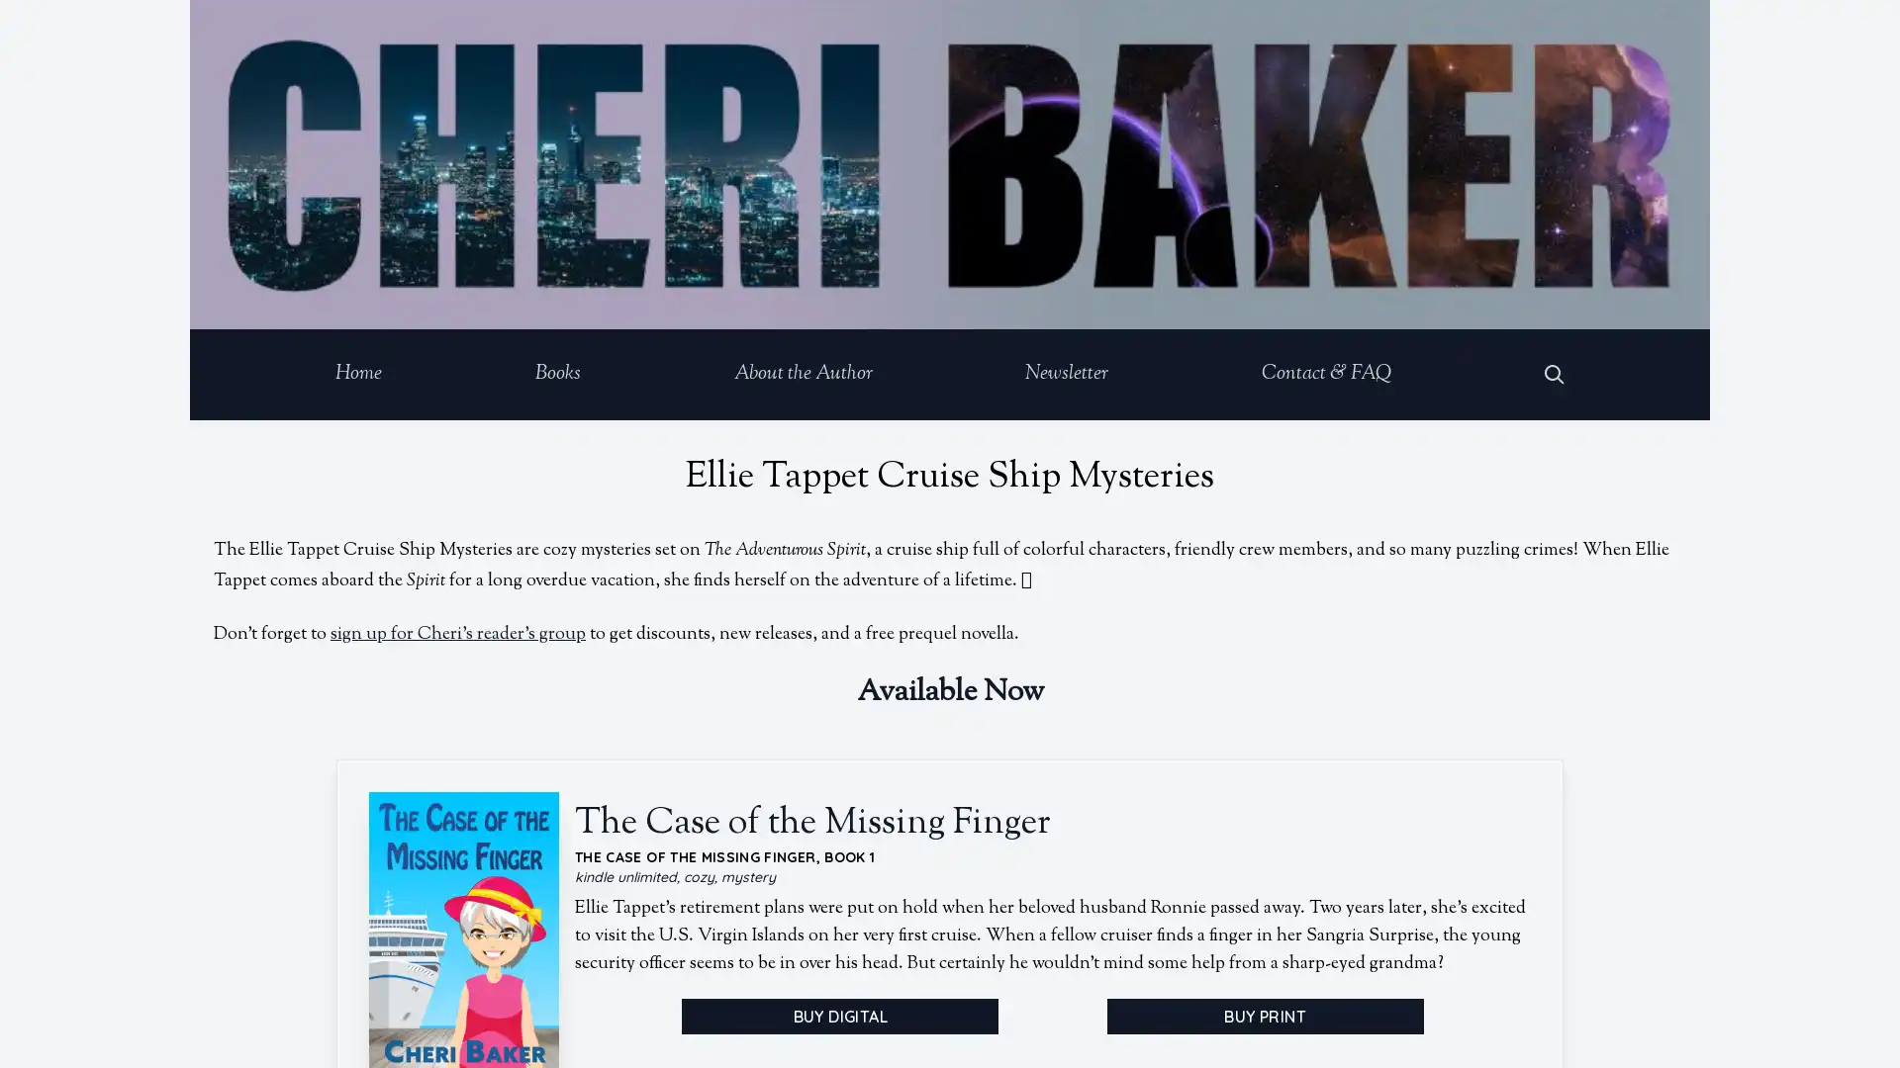 The width and height of the screenshot is (1900, 1068). I want to click on BUY DIGITAL, so click(840, 1015).